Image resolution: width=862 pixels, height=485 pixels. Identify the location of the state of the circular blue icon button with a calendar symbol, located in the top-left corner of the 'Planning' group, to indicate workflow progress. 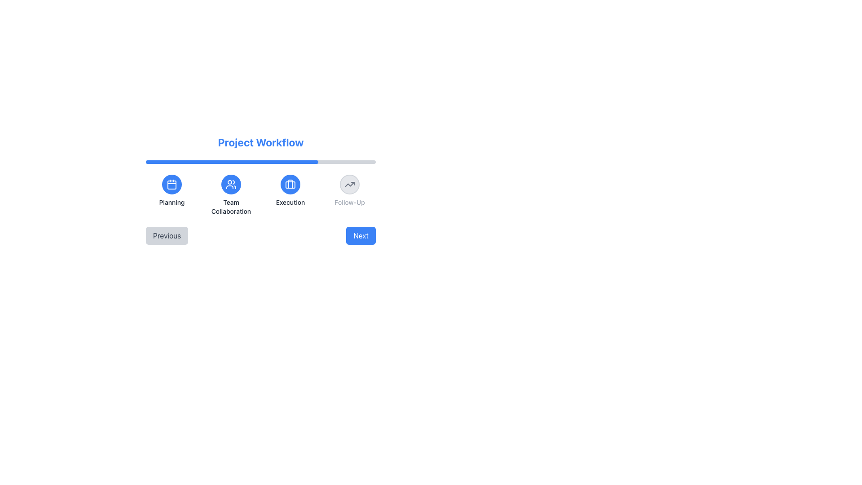
(172, 184).